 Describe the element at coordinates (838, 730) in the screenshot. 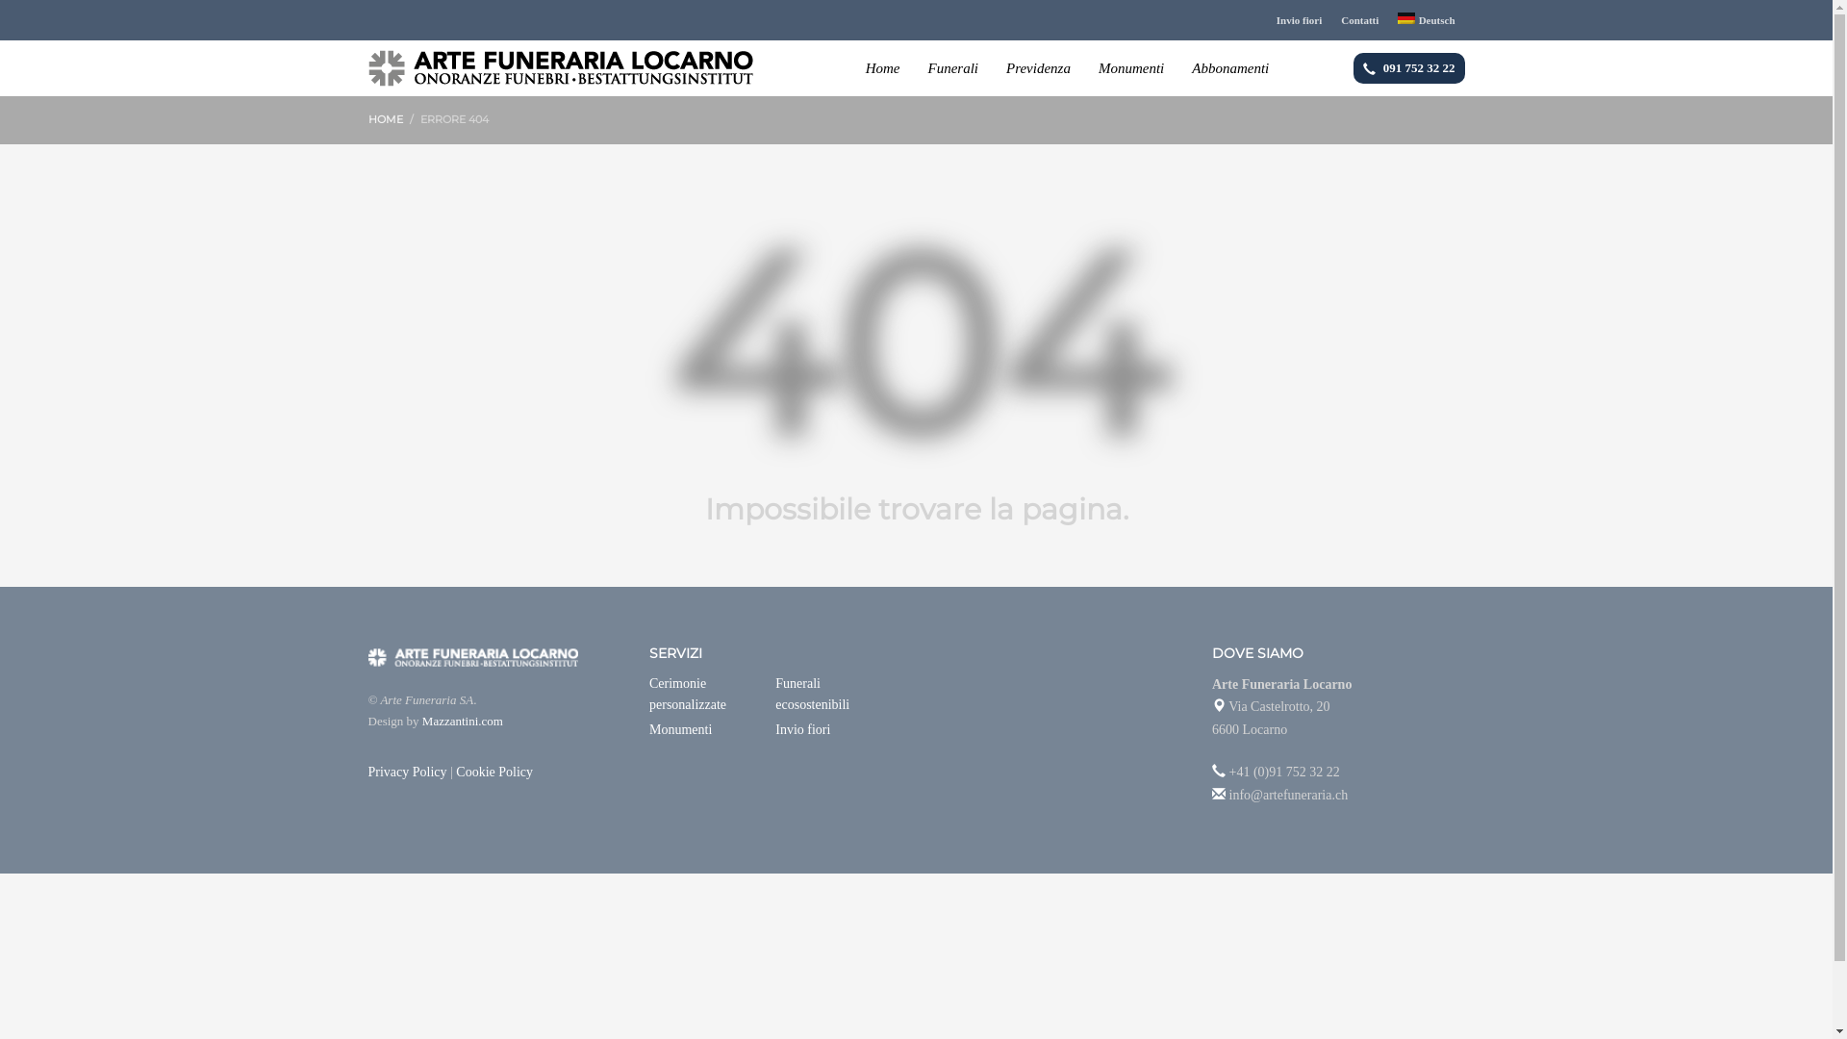

I see `'Invio fiori'` at that location.